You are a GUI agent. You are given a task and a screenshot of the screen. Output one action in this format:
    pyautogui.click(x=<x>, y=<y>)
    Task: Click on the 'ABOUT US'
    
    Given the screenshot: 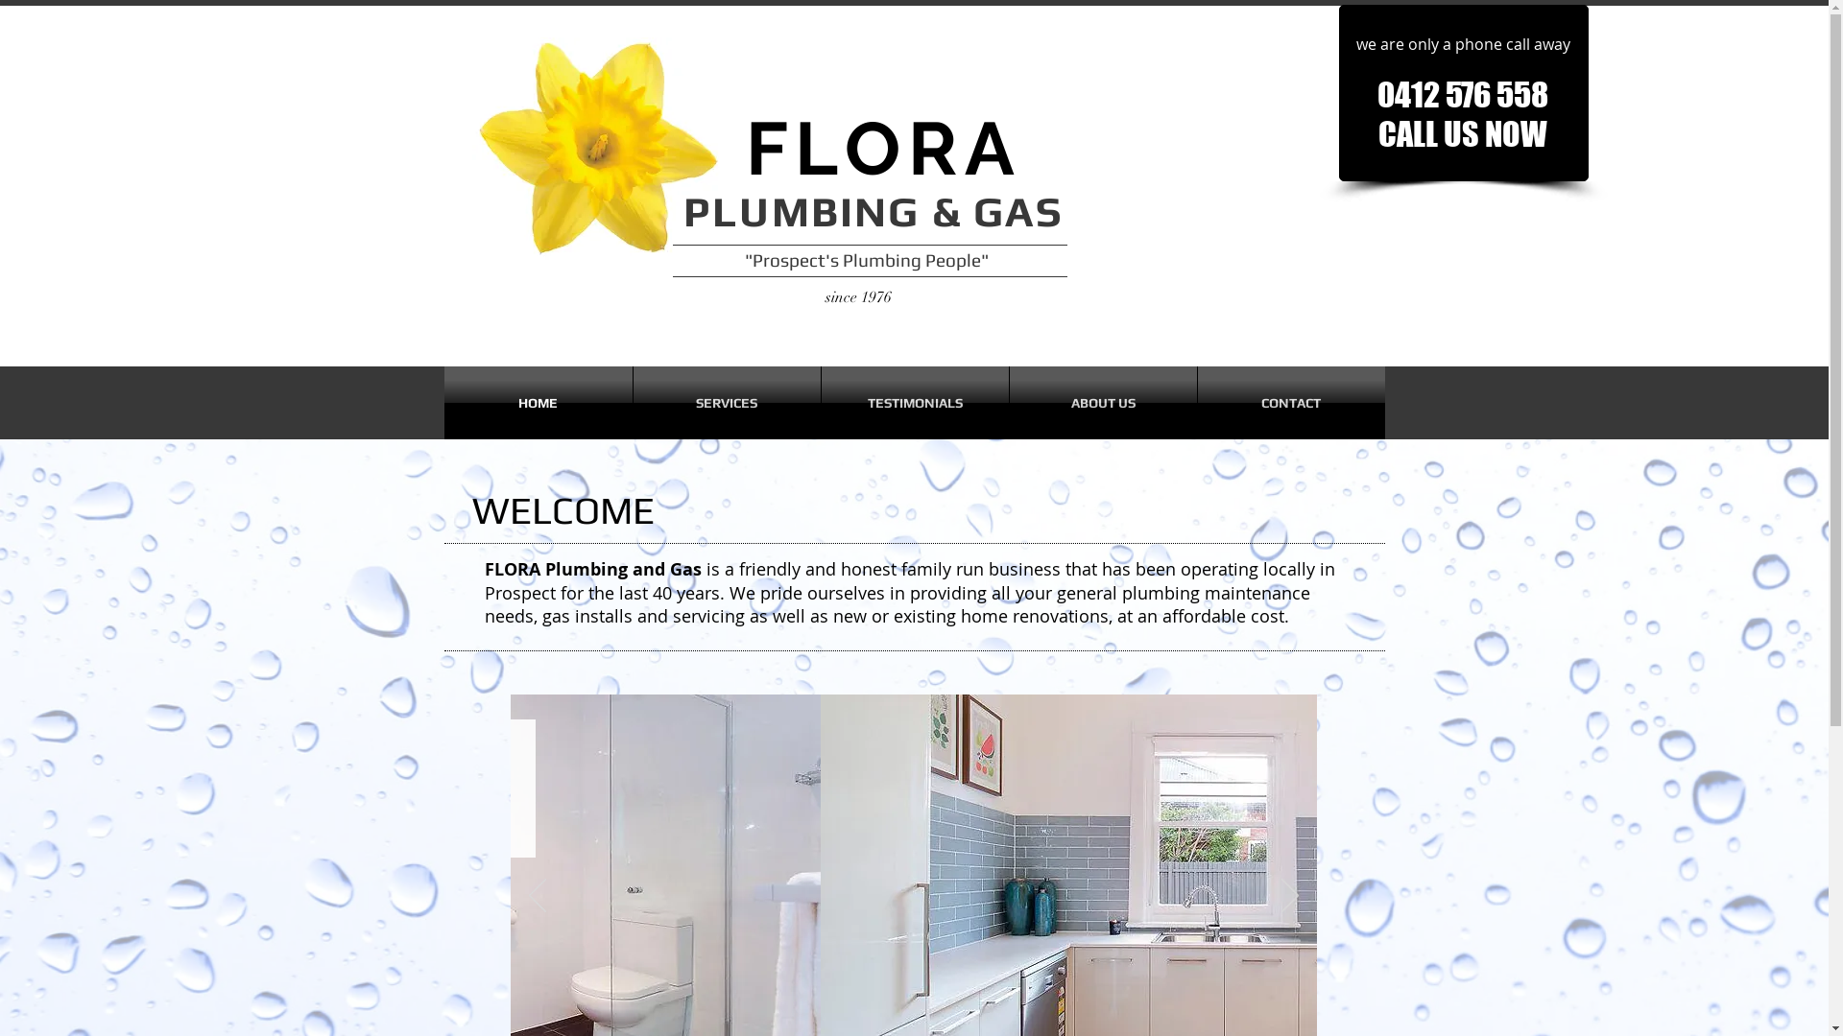 What is the action you would take?
    pyautogui.click(x=1103, y=402)
    